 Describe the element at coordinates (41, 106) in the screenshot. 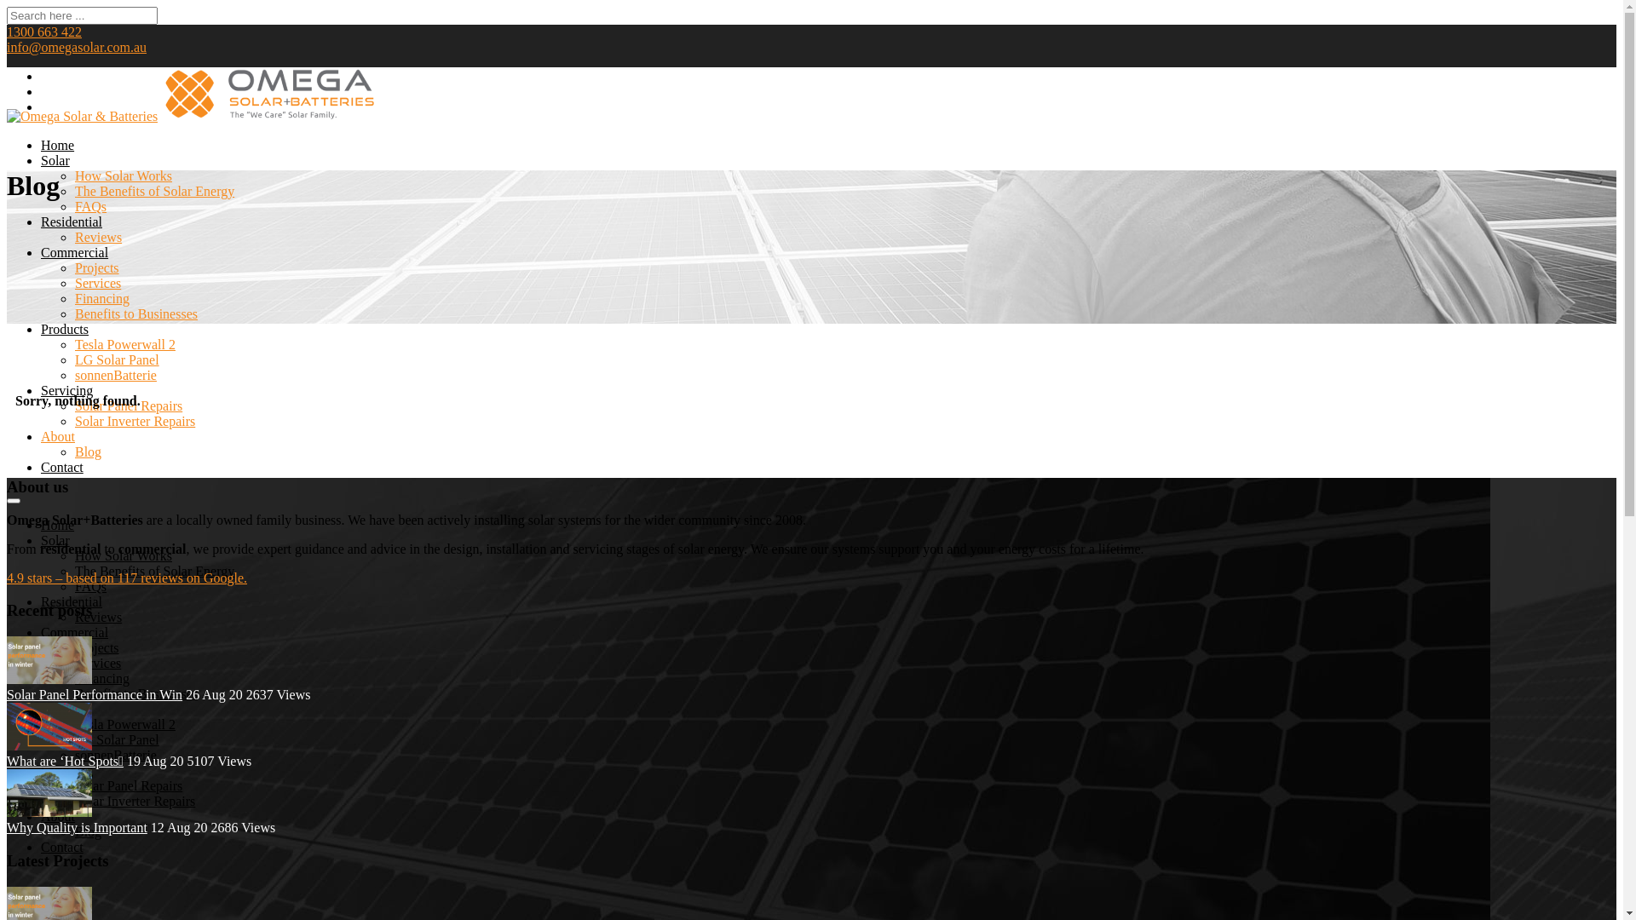

I see `'Youtube'` at that location.